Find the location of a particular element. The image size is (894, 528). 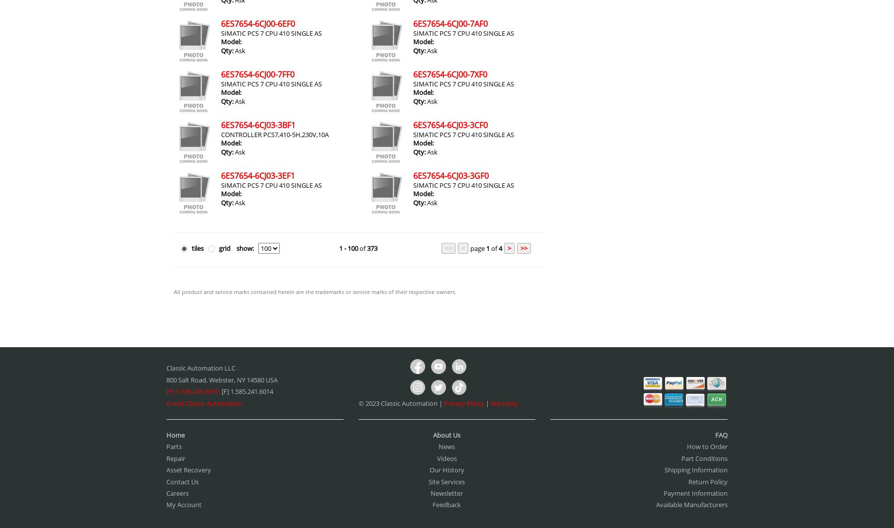

'6ES7654-6CJ03-3CF0' is located at coordinates (449, 125).